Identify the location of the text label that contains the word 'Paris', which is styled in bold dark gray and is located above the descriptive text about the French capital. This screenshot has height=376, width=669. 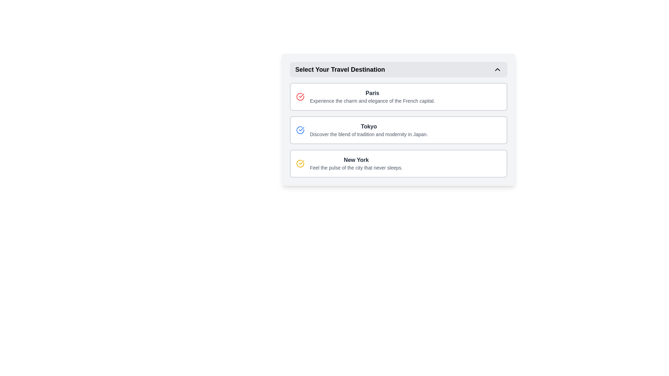
(372, 93).